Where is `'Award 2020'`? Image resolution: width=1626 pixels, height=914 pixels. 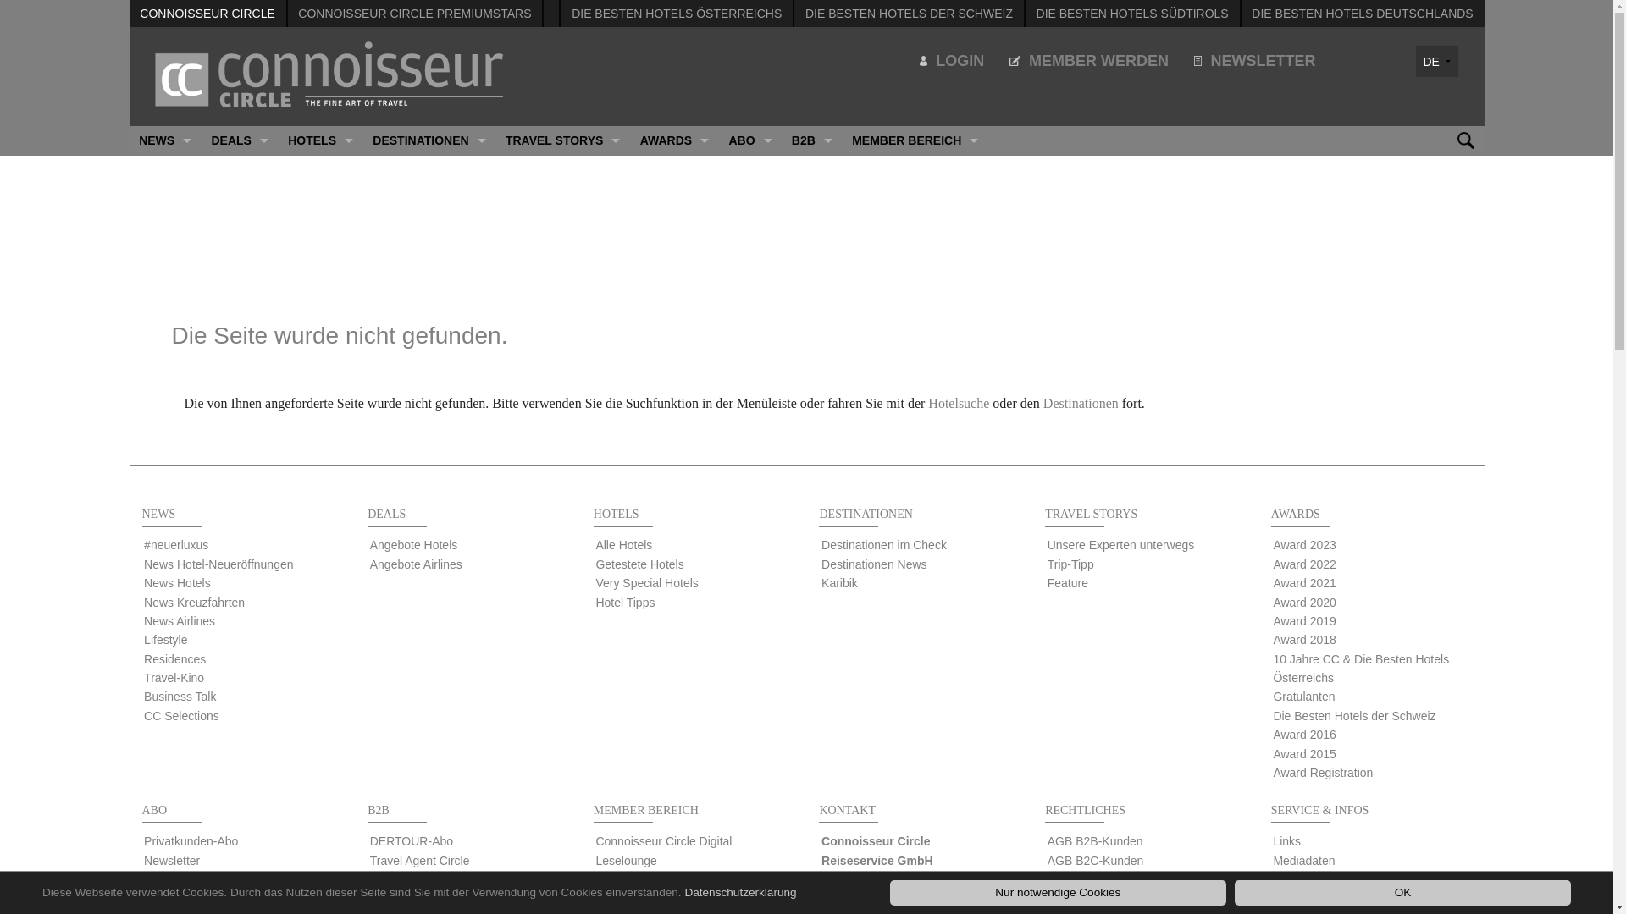
'Award 2020' is located at coordinates (1303, 602).